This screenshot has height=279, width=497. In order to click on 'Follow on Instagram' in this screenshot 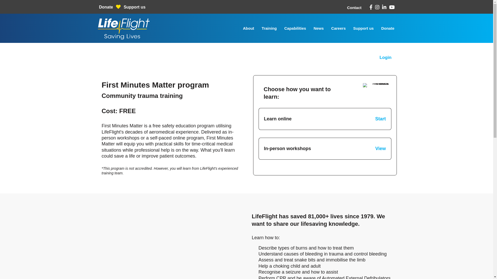, I will do `click(377, 7)`.